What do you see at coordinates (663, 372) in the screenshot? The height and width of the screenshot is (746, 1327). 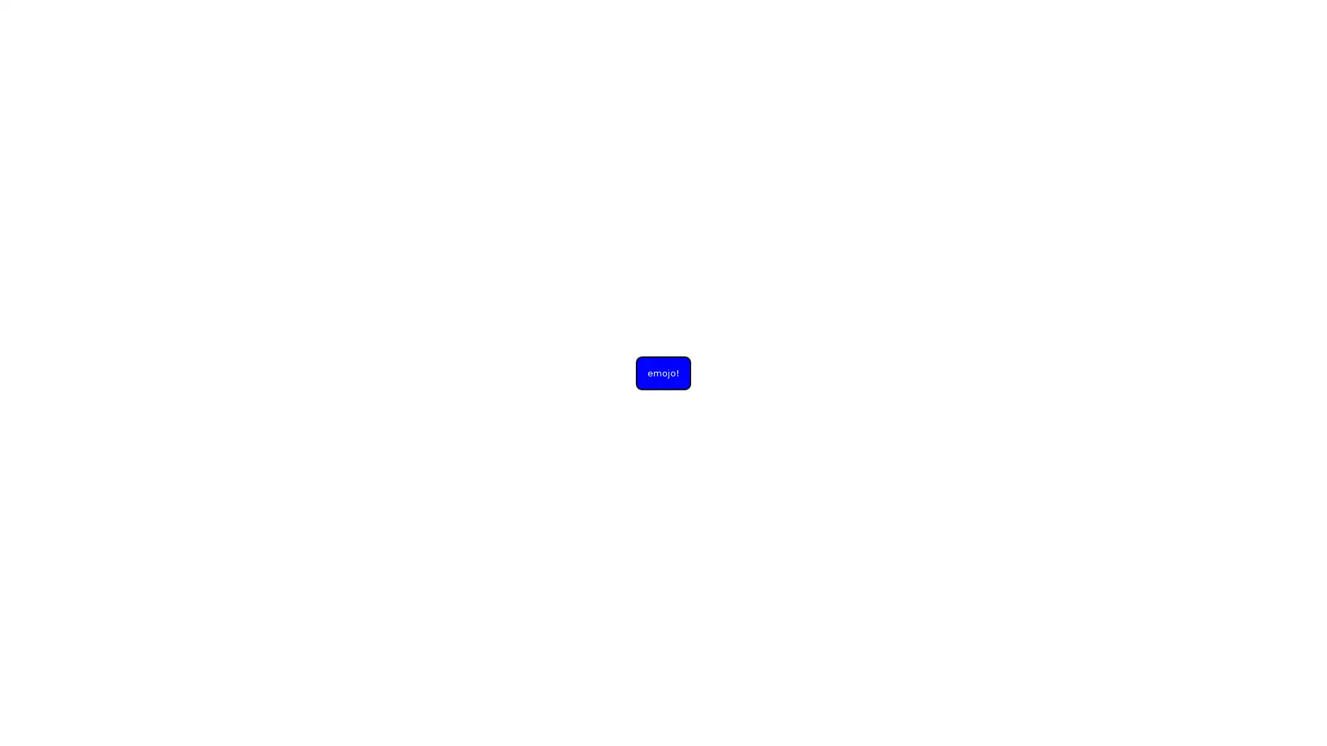 I see `emojo!` at bounding box center [663, 372].